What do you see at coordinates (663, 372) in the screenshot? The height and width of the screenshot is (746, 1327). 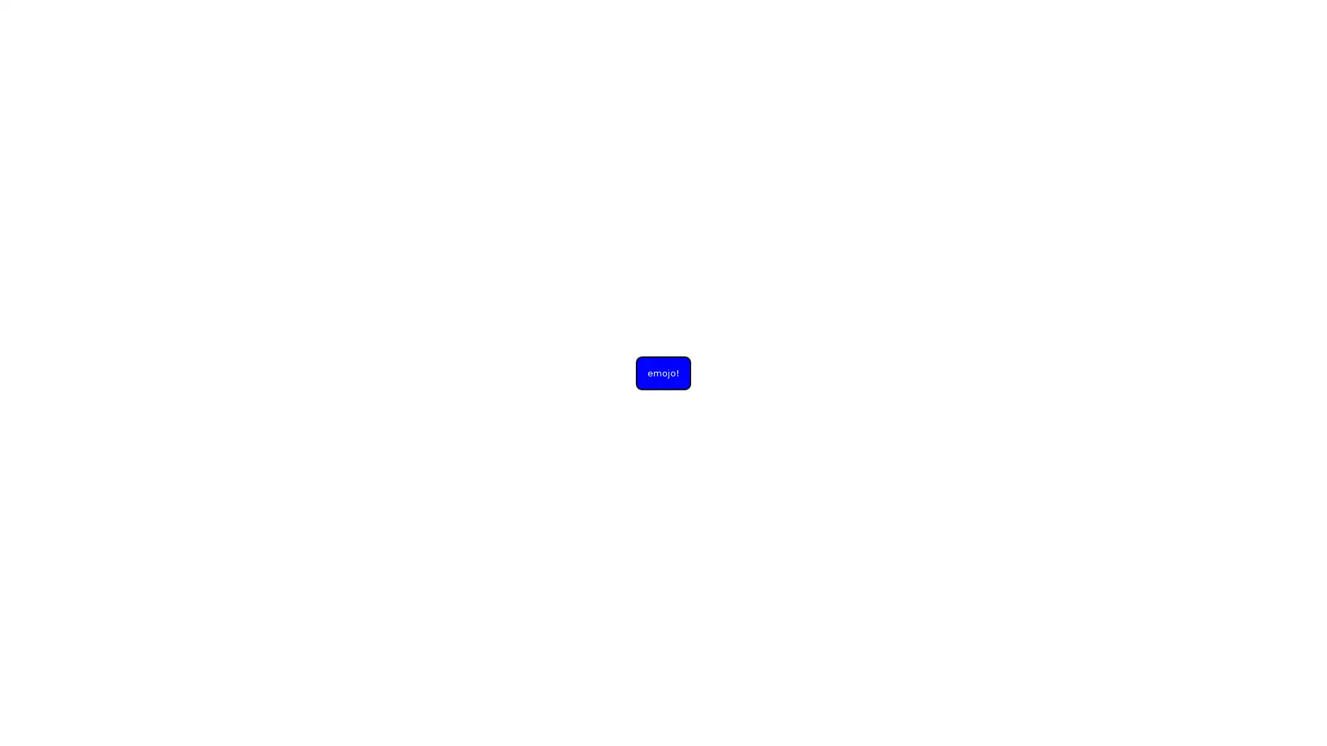 I see `emojo!` at bounding box center [663, 372].